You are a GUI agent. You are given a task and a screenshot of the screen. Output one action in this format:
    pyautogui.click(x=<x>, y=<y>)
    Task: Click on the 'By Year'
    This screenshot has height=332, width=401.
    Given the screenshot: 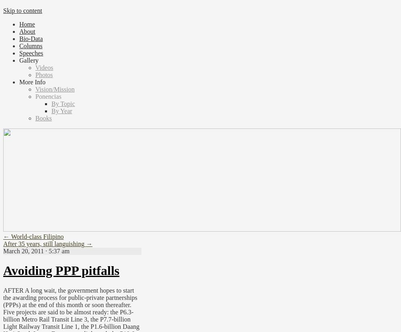 What is the action you would take?
    pyautogui.click(x=61, y=111)
    